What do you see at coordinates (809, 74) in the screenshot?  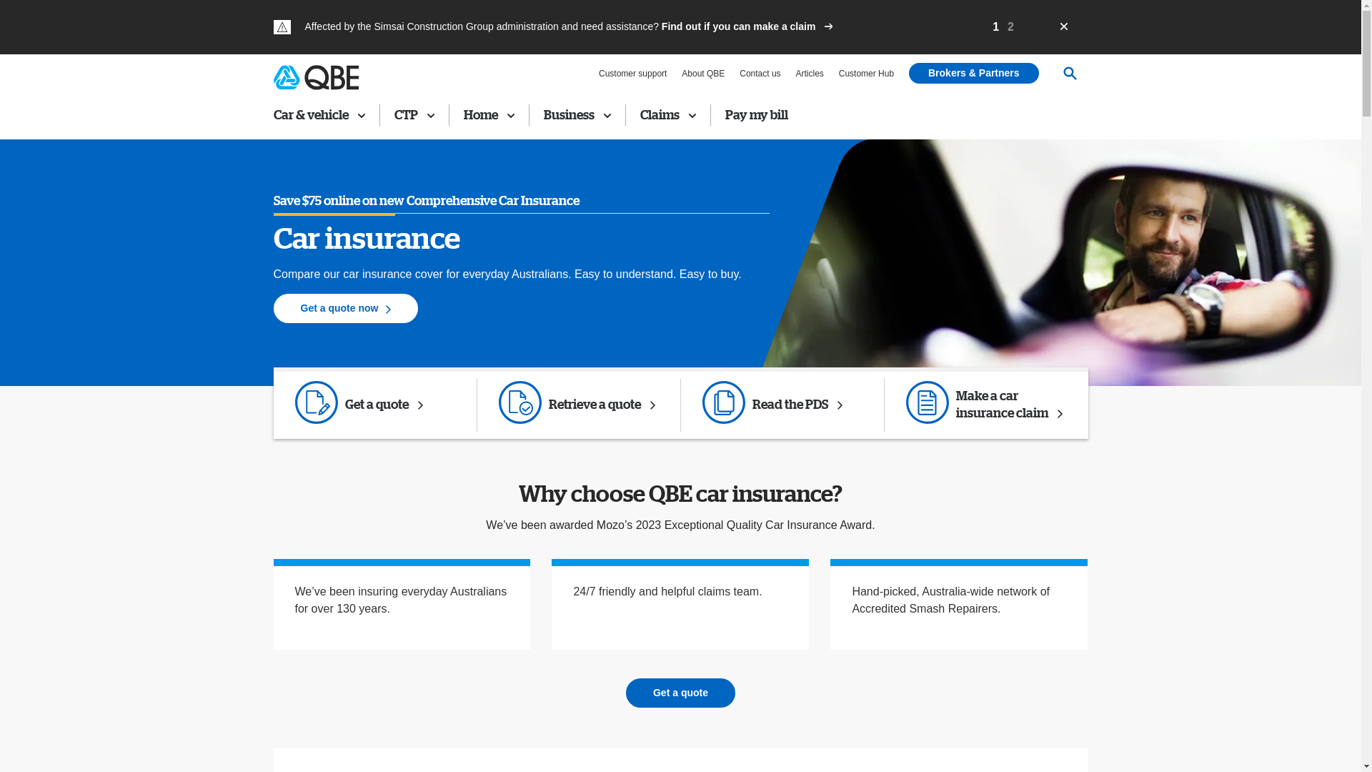 I see `'Articles'` at bounding box center [809, 74].